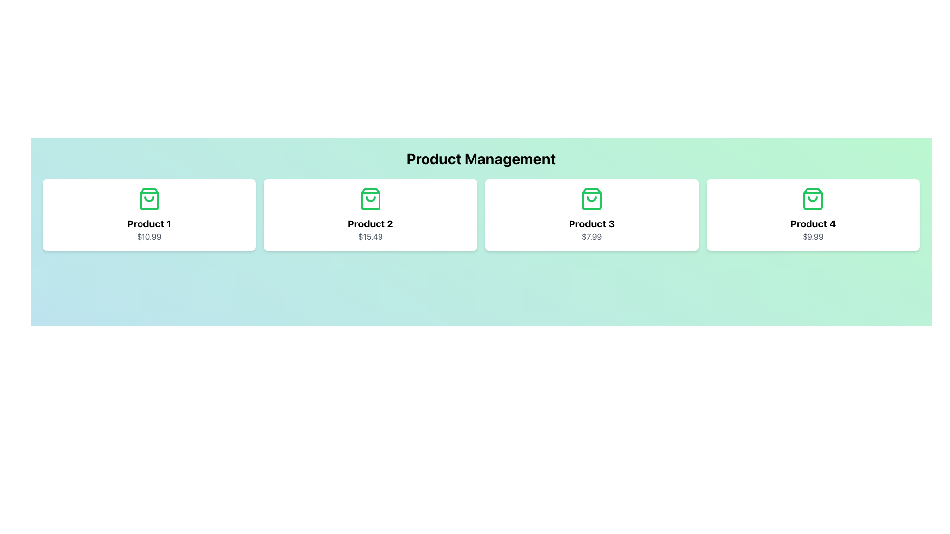  I want to click on the green shopping bag icon located at the top of the product card for 'Product 1' priced at '$10.99', so click(148, 199).